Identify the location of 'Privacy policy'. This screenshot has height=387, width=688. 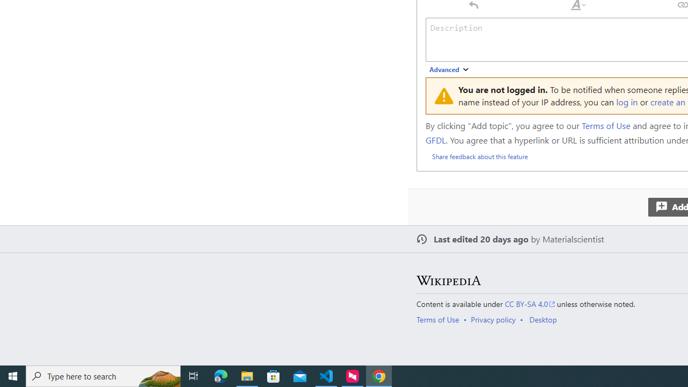
(492, 319).